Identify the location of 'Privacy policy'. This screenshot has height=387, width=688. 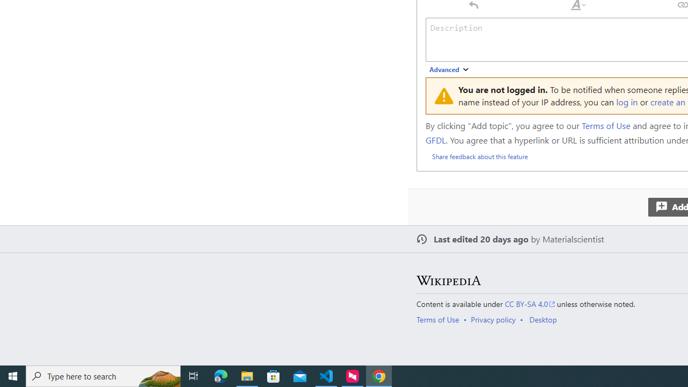
(492, 319).